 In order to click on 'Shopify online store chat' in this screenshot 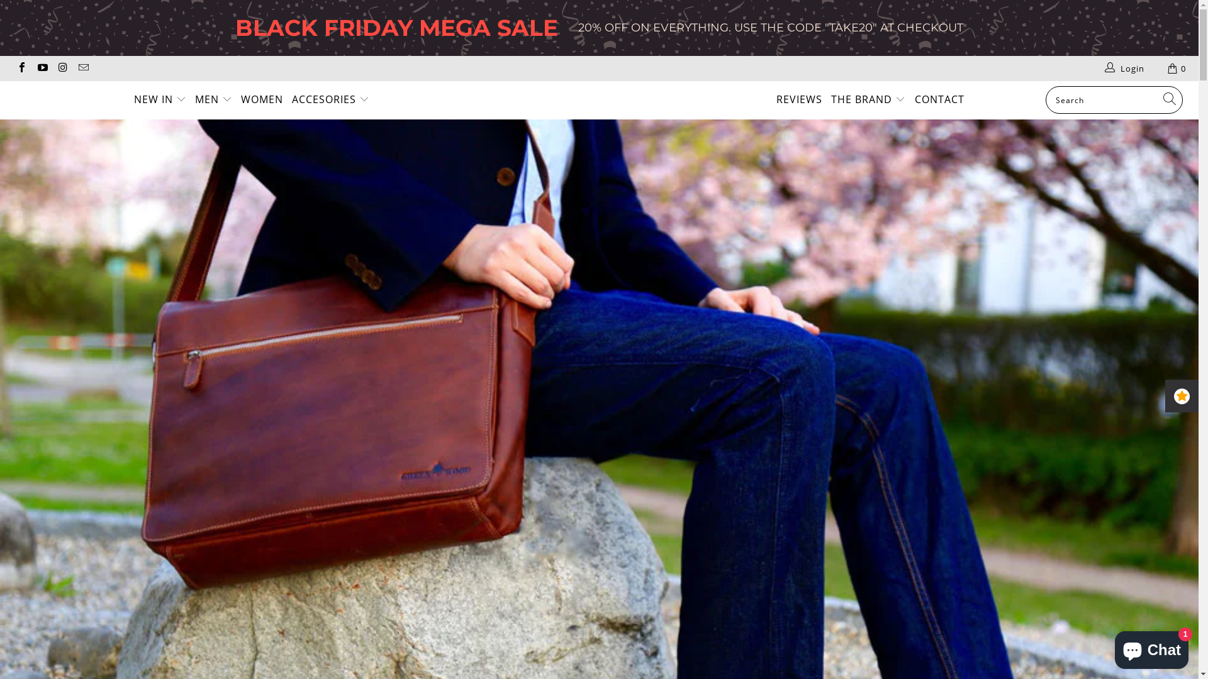, I will do `click(1151, 647)`.